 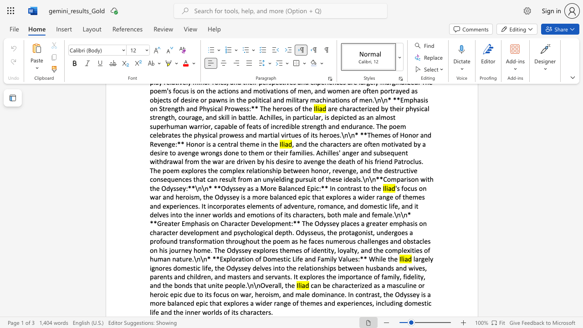 What do you see at coordinates (215, 294) in the screenshot?
I see `the subset text "ocus on war, heroism, and male dominan" within the text "can be characterized as a masculine or heroic epic due to its focus on war, heroism, and male dominance. In contrast, the Odyssey is a more balanced epic that explores a wider range of themes and experiences, including domestic life and the inner worlds of its characters."` at bounding box center [215, 294].